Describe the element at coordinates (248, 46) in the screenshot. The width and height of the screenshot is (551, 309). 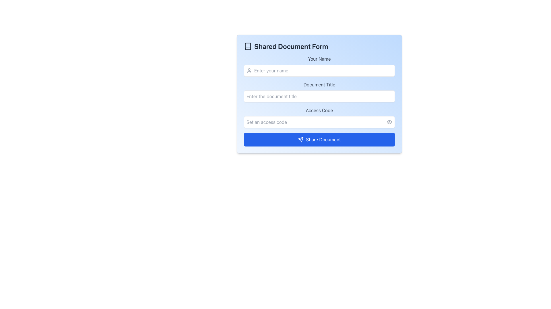
I see `the book icon located in the top-left portion of the interface, adjacent to the 'Shared Document Form' text` at that location.